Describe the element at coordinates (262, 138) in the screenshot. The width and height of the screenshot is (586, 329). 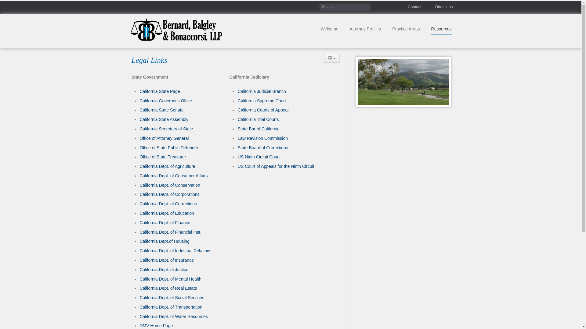
I see `'Law Revision Commission'` at that location.